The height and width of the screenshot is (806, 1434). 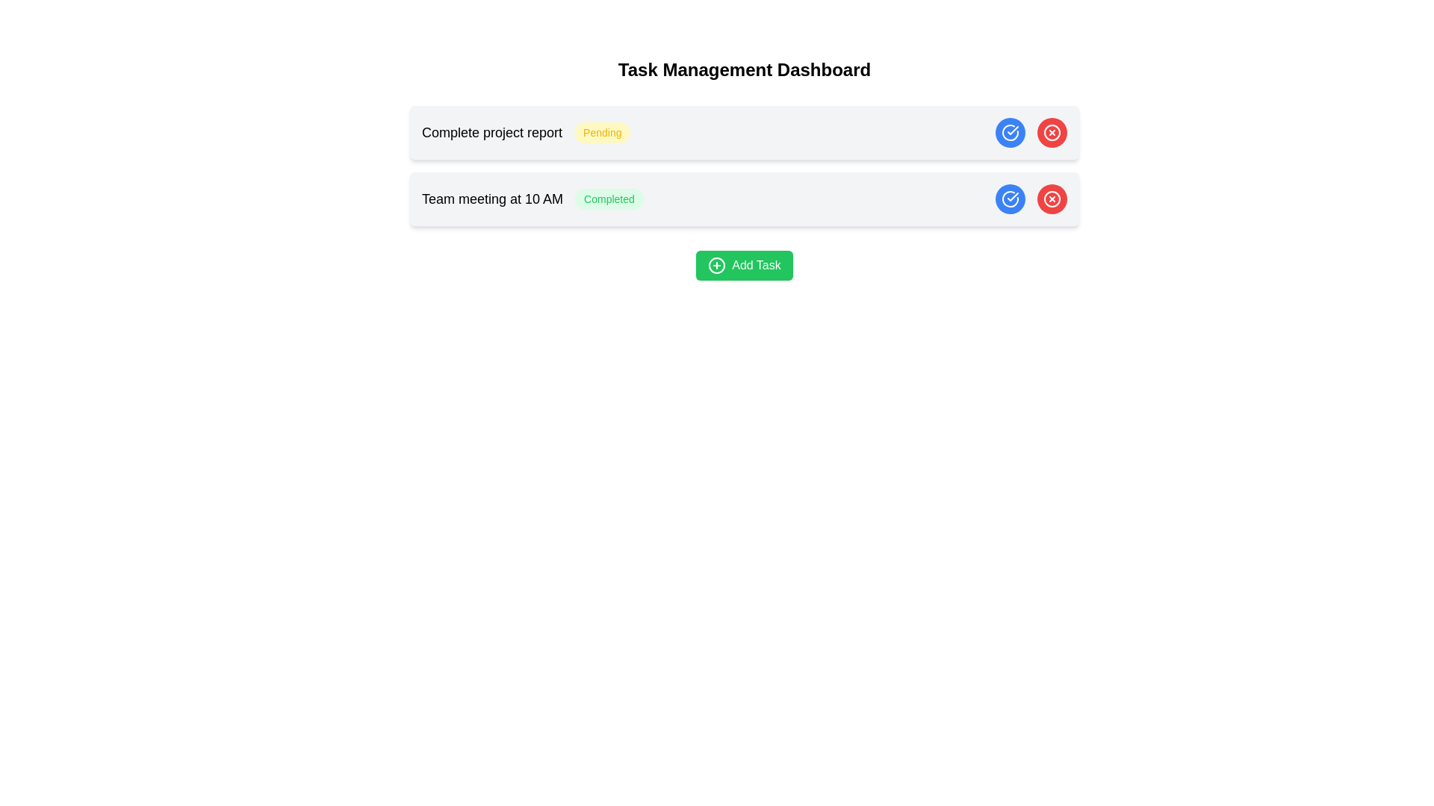 What do you see at coordinates (1052, 131) in the screenshot?
I see `the delete button located at the right end of the top task row to change its background color` at bounding box center [1052, 131].